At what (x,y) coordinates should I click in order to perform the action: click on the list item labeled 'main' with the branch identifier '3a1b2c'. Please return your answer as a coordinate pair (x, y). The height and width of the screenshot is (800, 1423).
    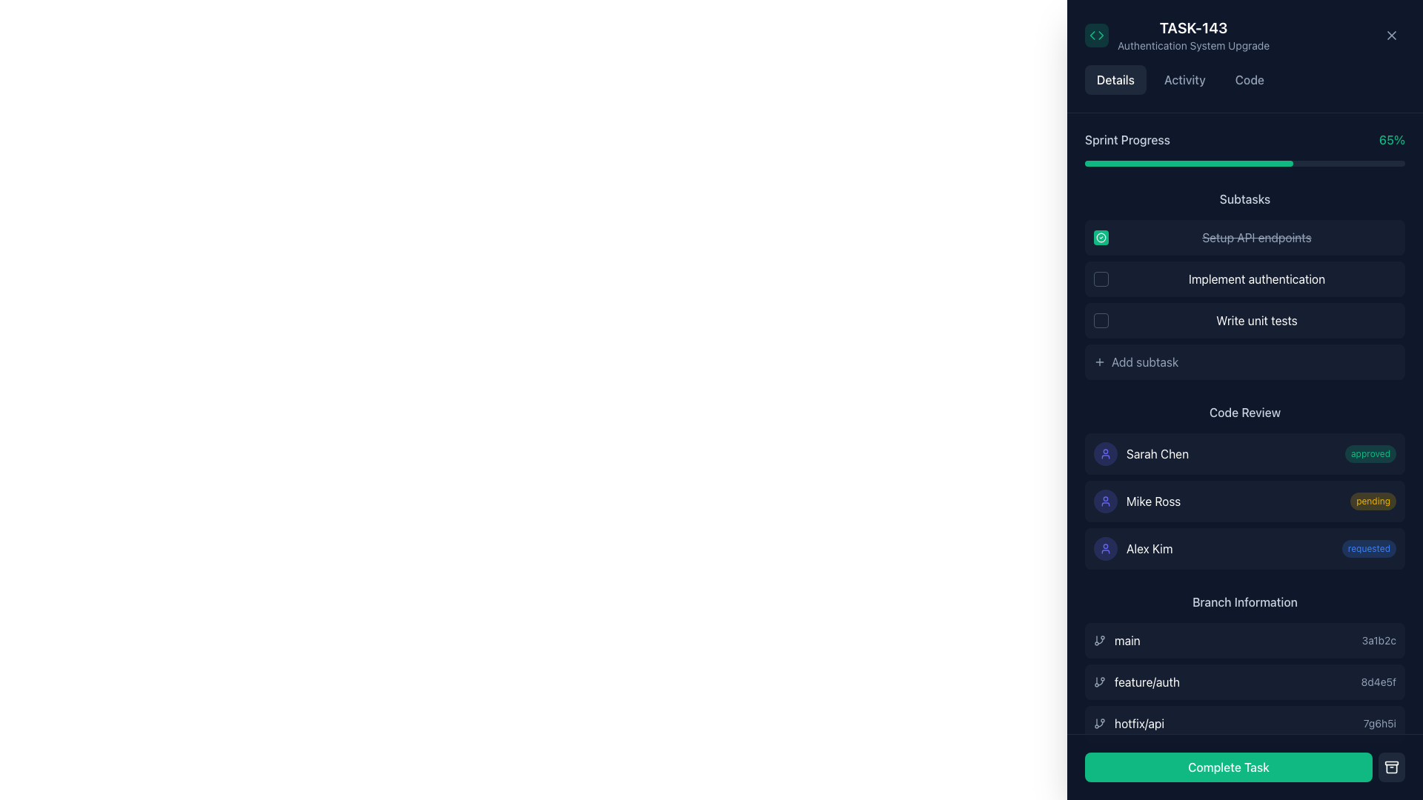
    Looking at the image, I should click on (1245, 639).